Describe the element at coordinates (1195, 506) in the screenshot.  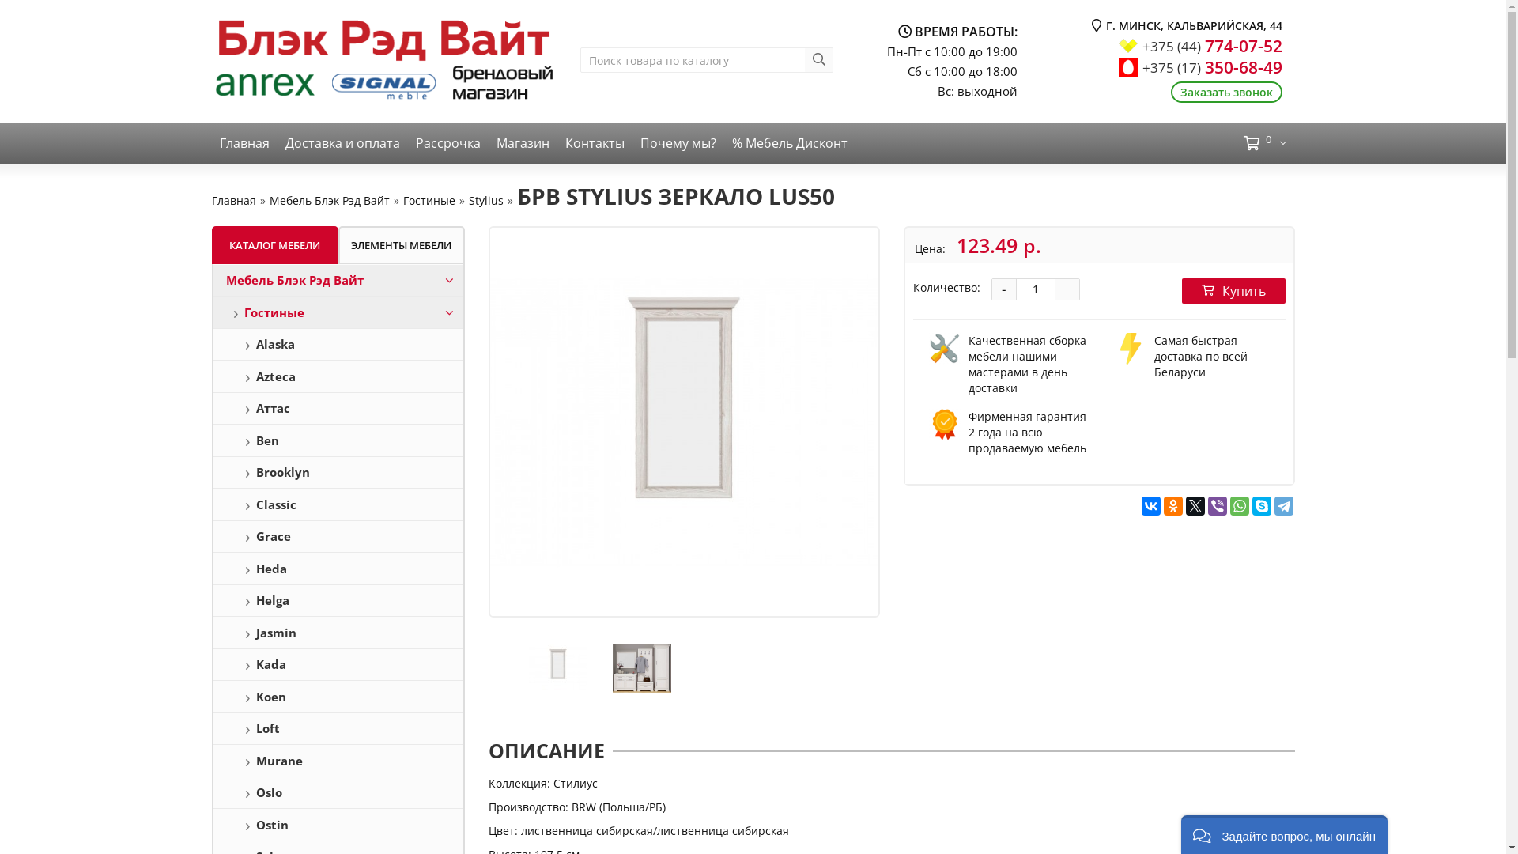
I see `'Twitter'` at that location.